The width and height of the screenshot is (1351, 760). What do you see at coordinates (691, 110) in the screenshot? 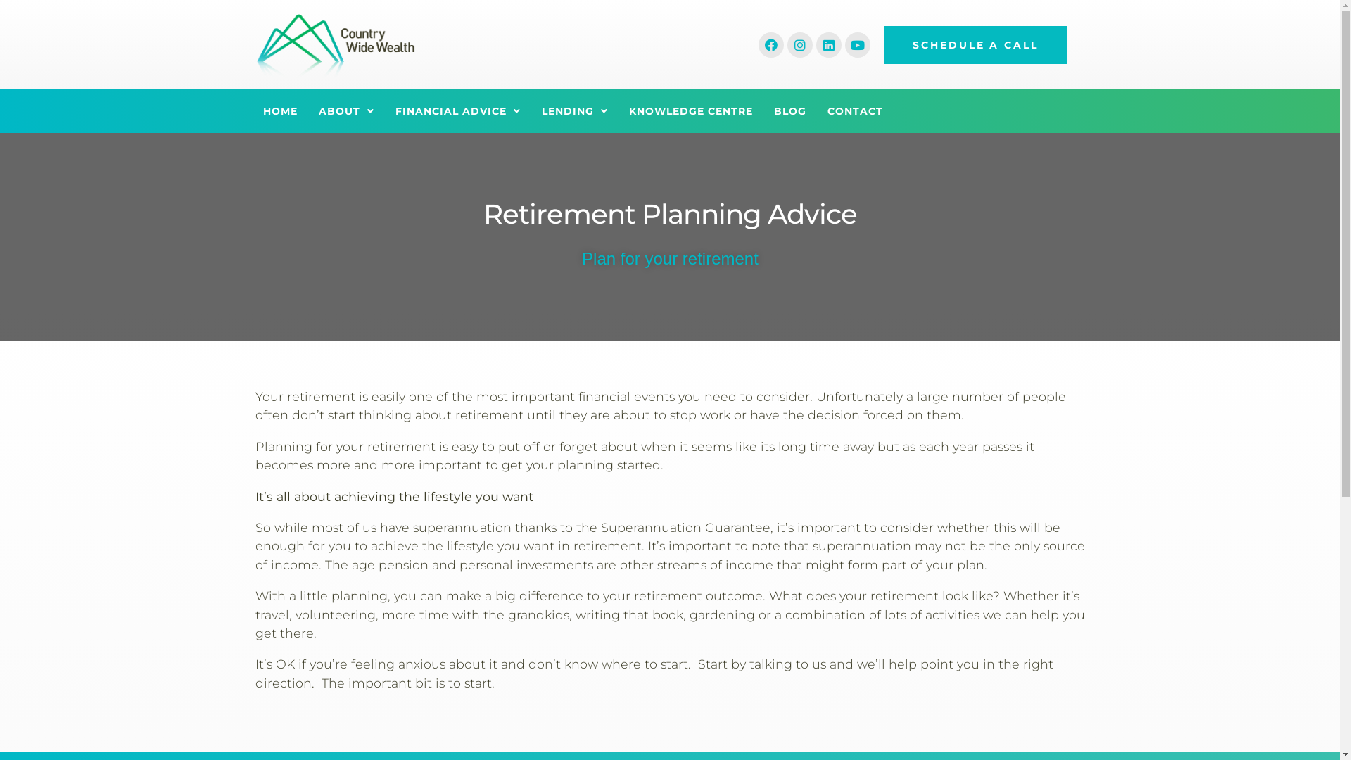
I see `'KNOWLEDGE CENTRE'` at bounding box center [691, 110].